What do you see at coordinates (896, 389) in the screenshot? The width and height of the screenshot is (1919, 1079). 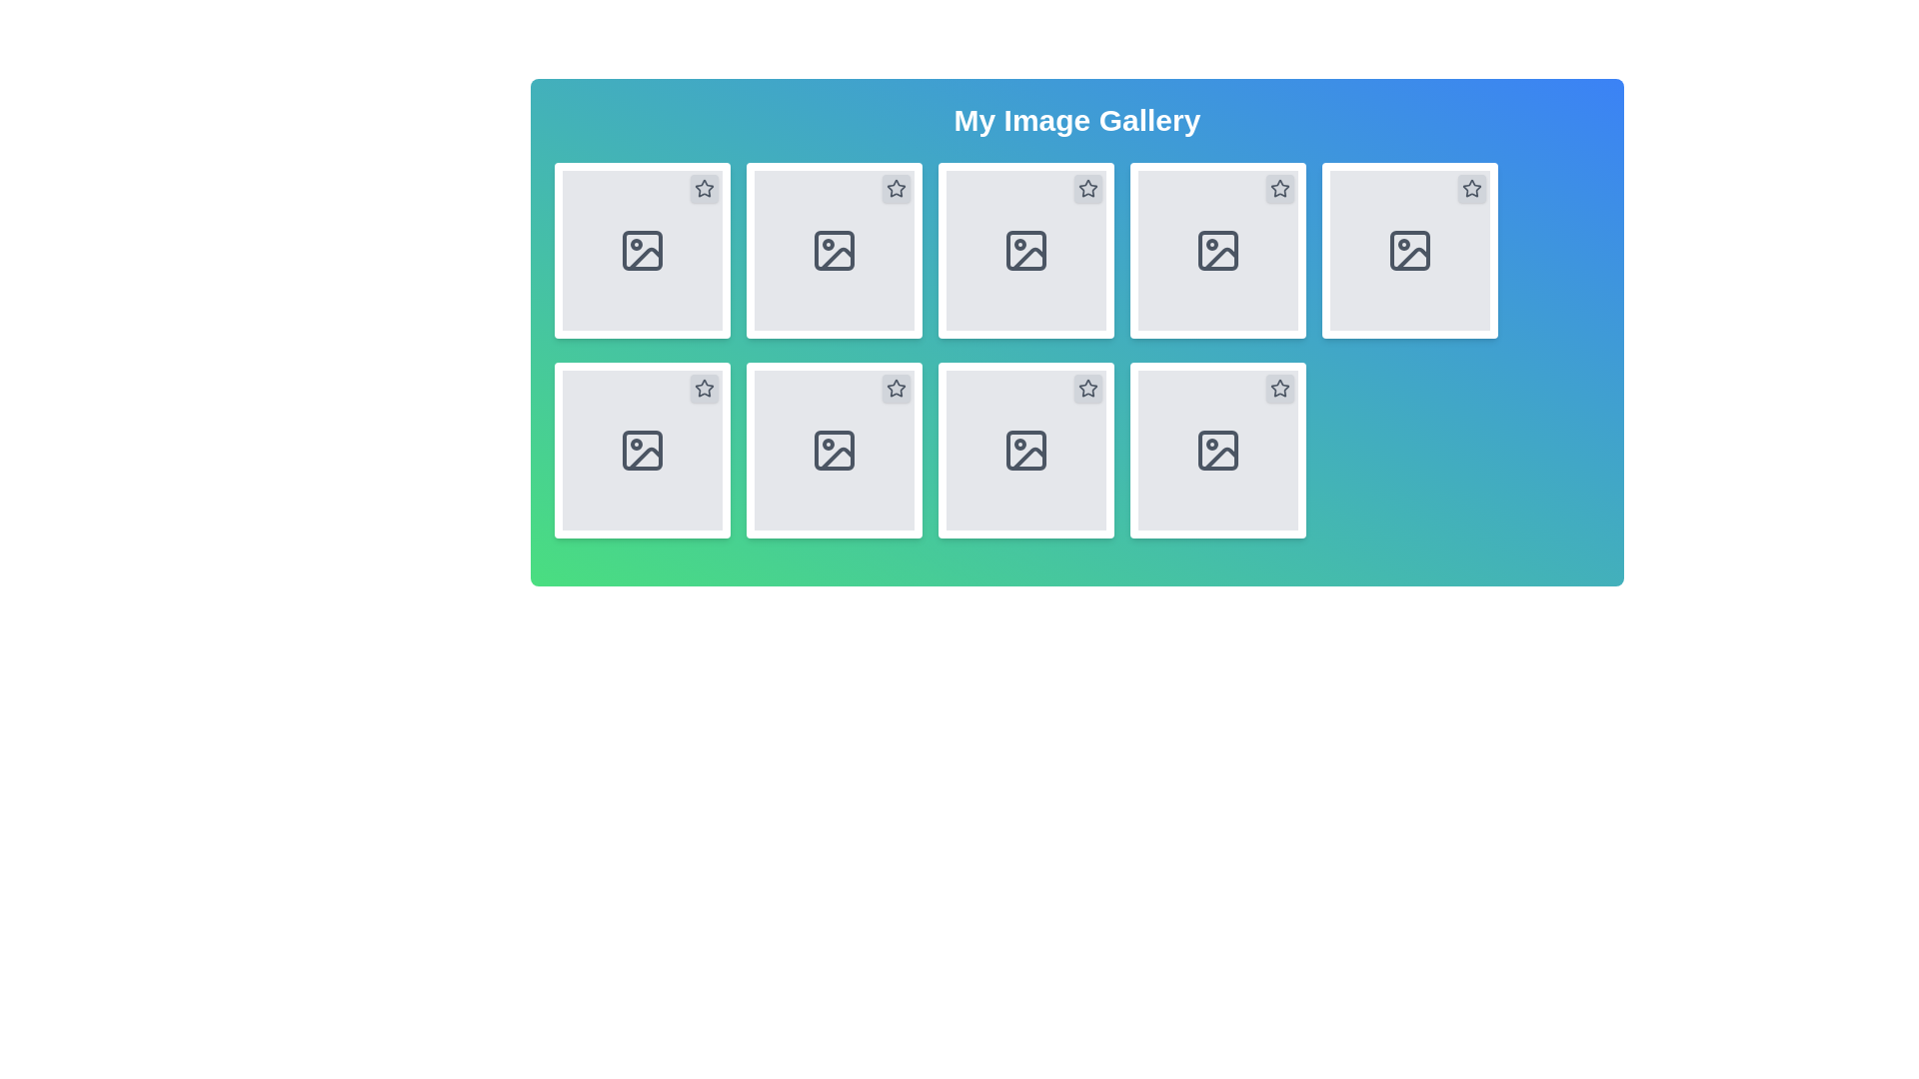 I see `the star-shaped button with a gray border and background located at the top-right corner of the tile in the grid layout to trigger the hover effect` at bounding box center [896, 389].